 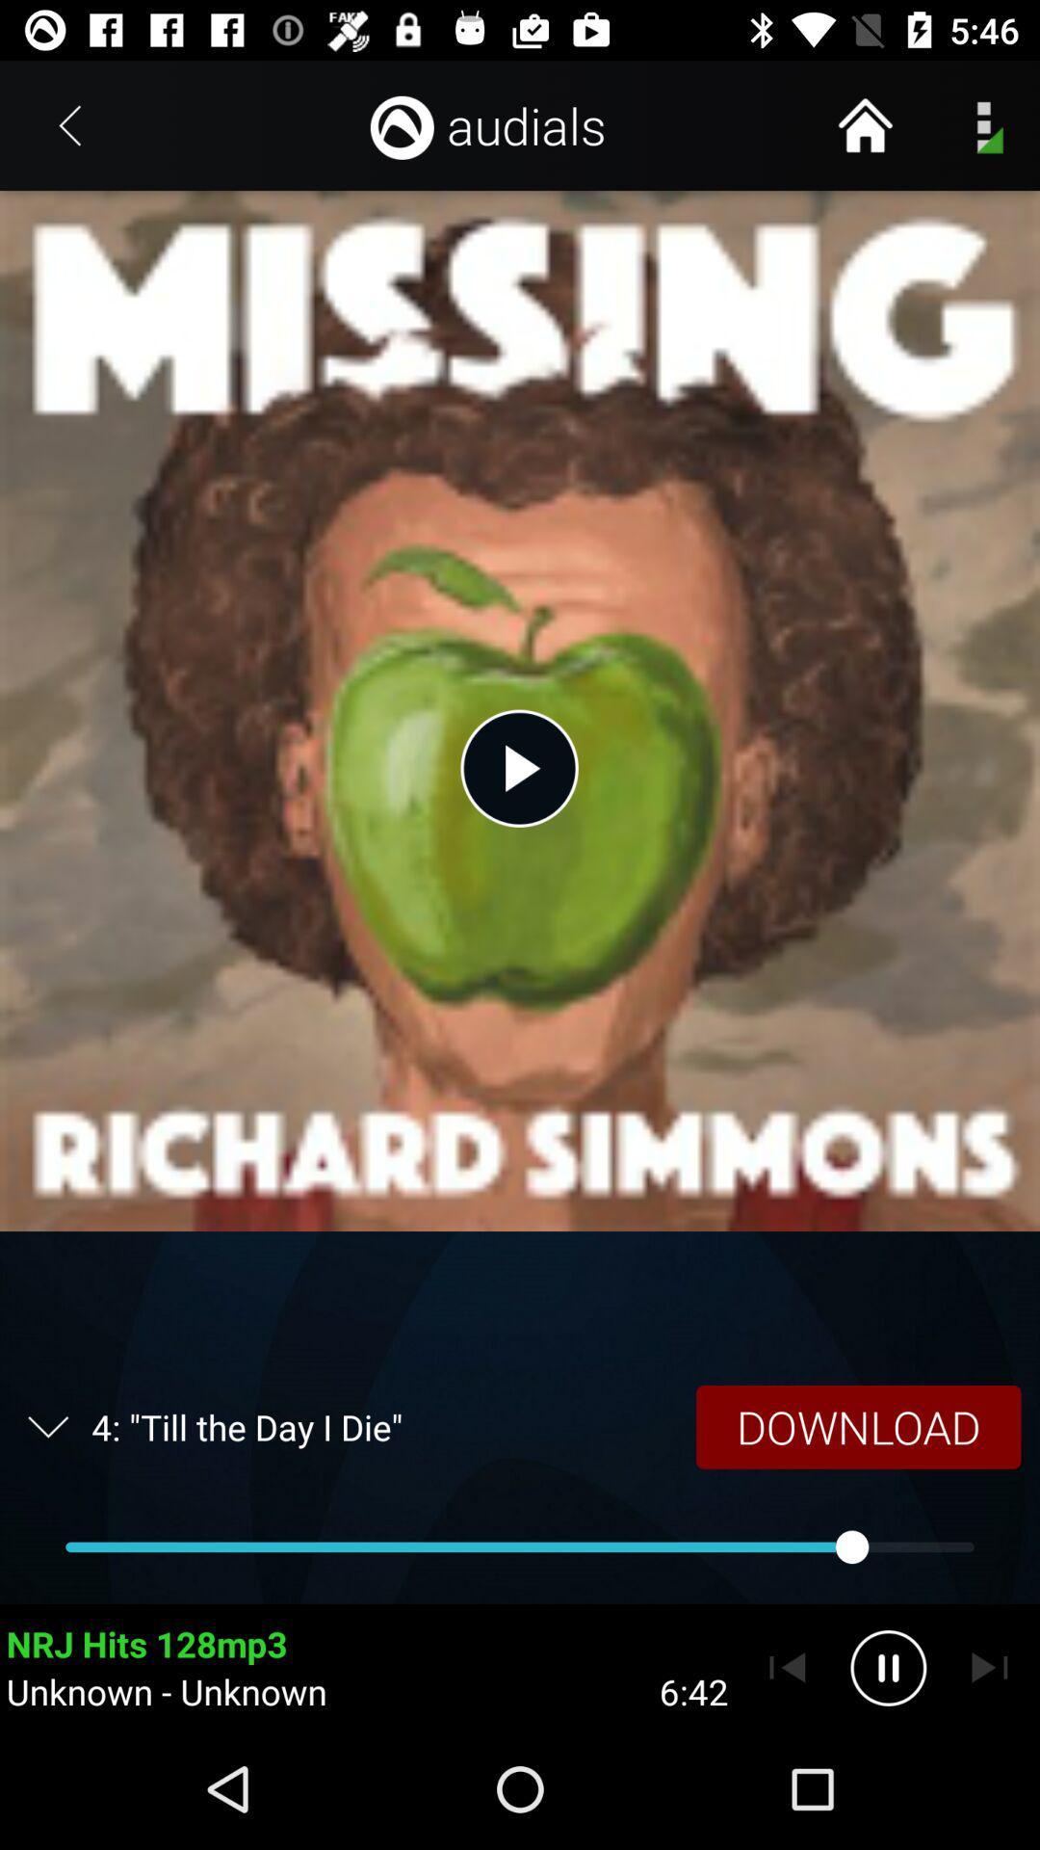 I want to click on homepage, so click(x=864, y=124).